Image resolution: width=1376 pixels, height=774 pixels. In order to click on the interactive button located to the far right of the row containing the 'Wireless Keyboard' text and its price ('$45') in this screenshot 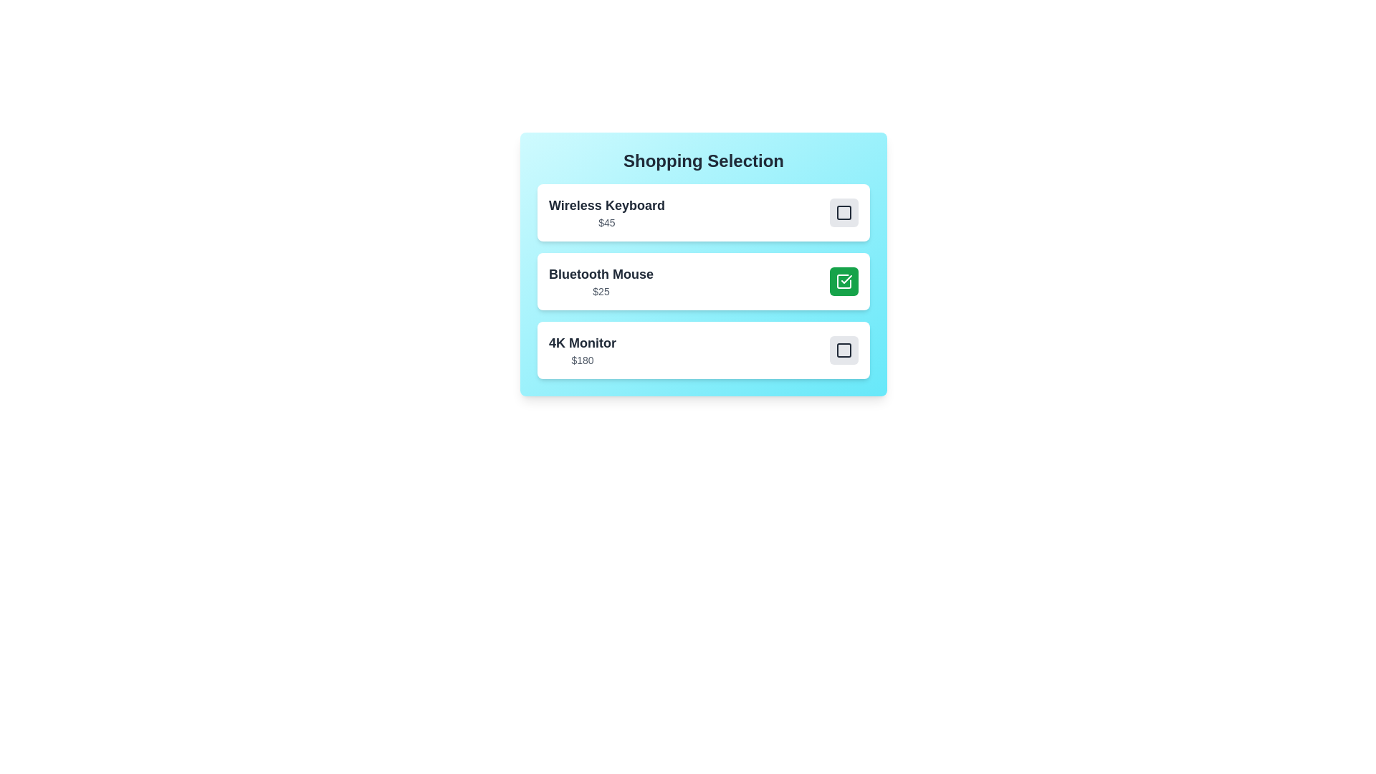, I will do `click(844, 213)`.